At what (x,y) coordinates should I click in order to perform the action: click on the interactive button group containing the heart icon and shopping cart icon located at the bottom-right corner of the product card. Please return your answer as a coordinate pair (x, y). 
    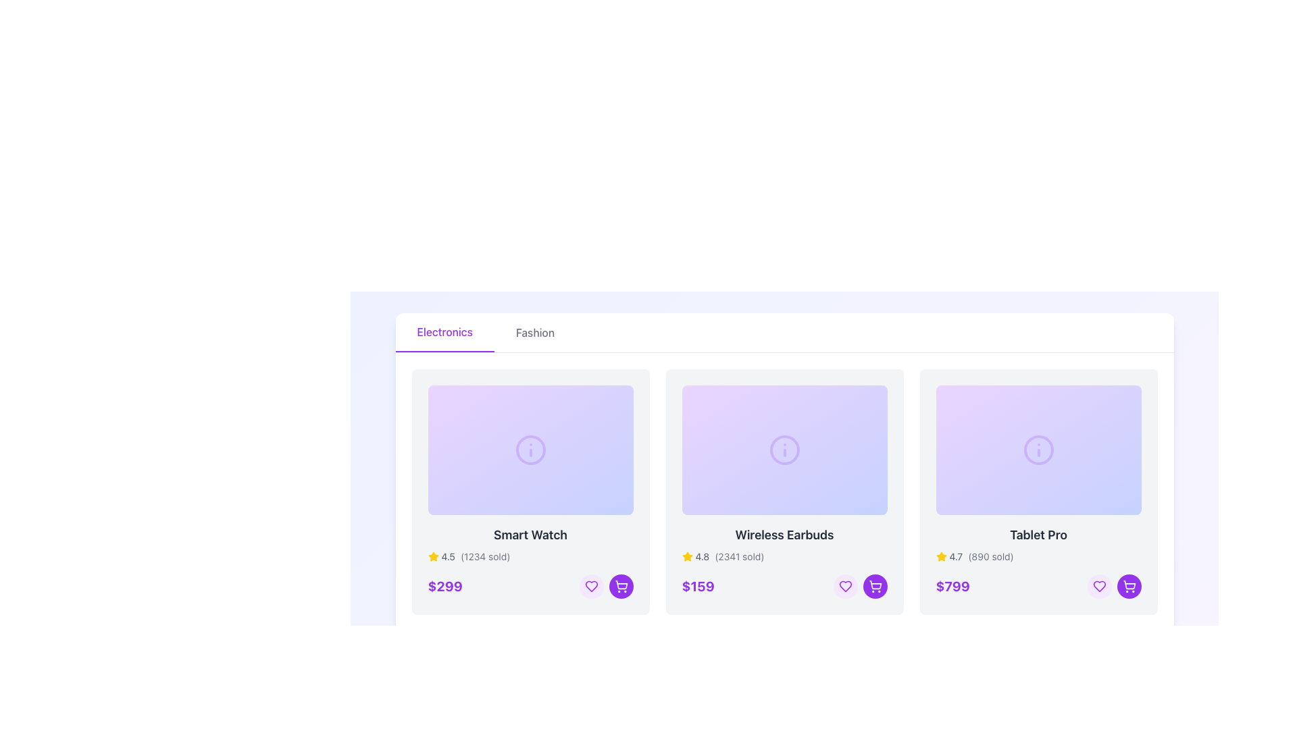
    Looking at the image, I should click on (605, 585).